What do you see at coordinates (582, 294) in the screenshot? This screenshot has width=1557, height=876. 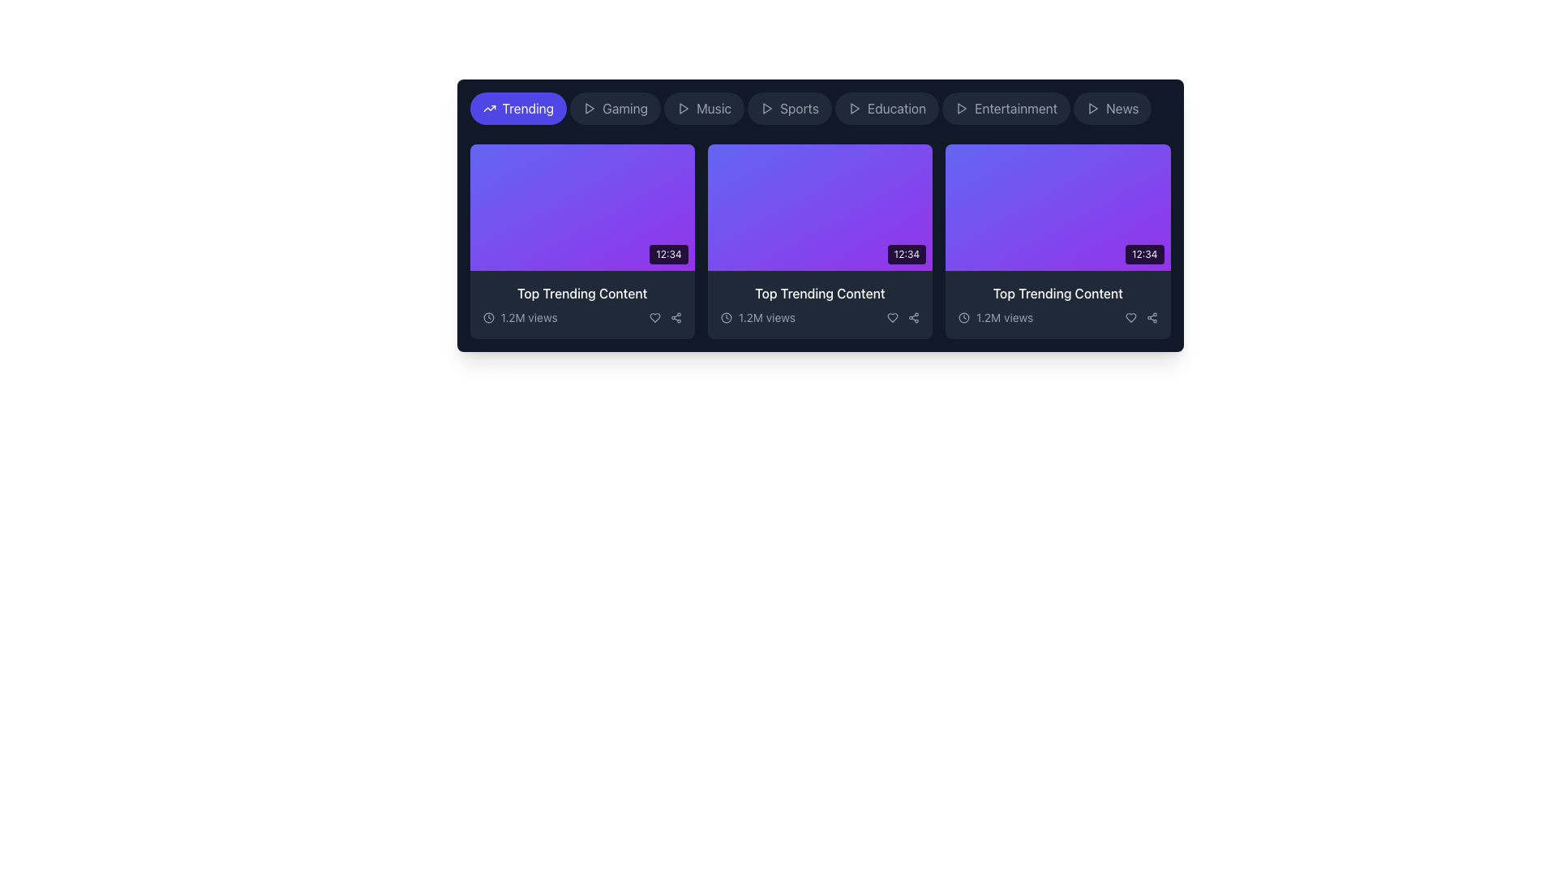 I see `the text label that provides the title of the highlighted trending content, located at the bottom of the first card in the list, just above the '1.2M views' text` at bounding box center [582, 294].